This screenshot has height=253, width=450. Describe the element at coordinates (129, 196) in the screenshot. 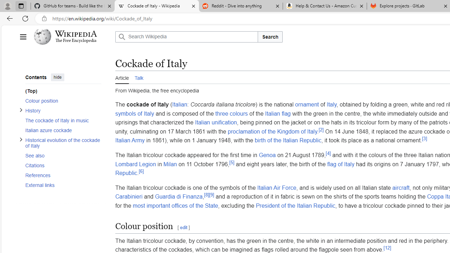

I see `'Carabinieri'` at that location.